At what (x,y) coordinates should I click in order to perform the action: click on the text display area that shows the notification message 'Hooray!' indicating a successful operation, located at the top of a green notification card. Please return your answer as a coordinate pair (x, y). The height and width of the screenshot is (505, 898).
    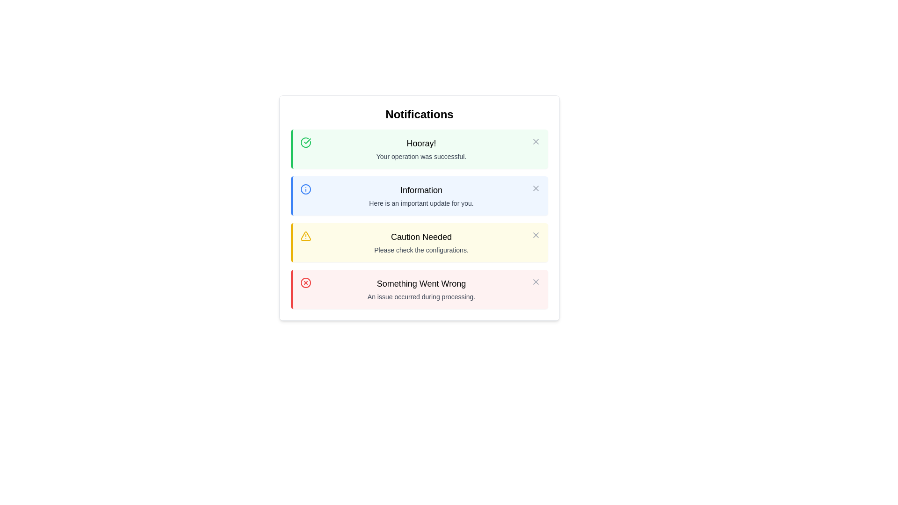
    Looking at the image, I should click on (421, 149).